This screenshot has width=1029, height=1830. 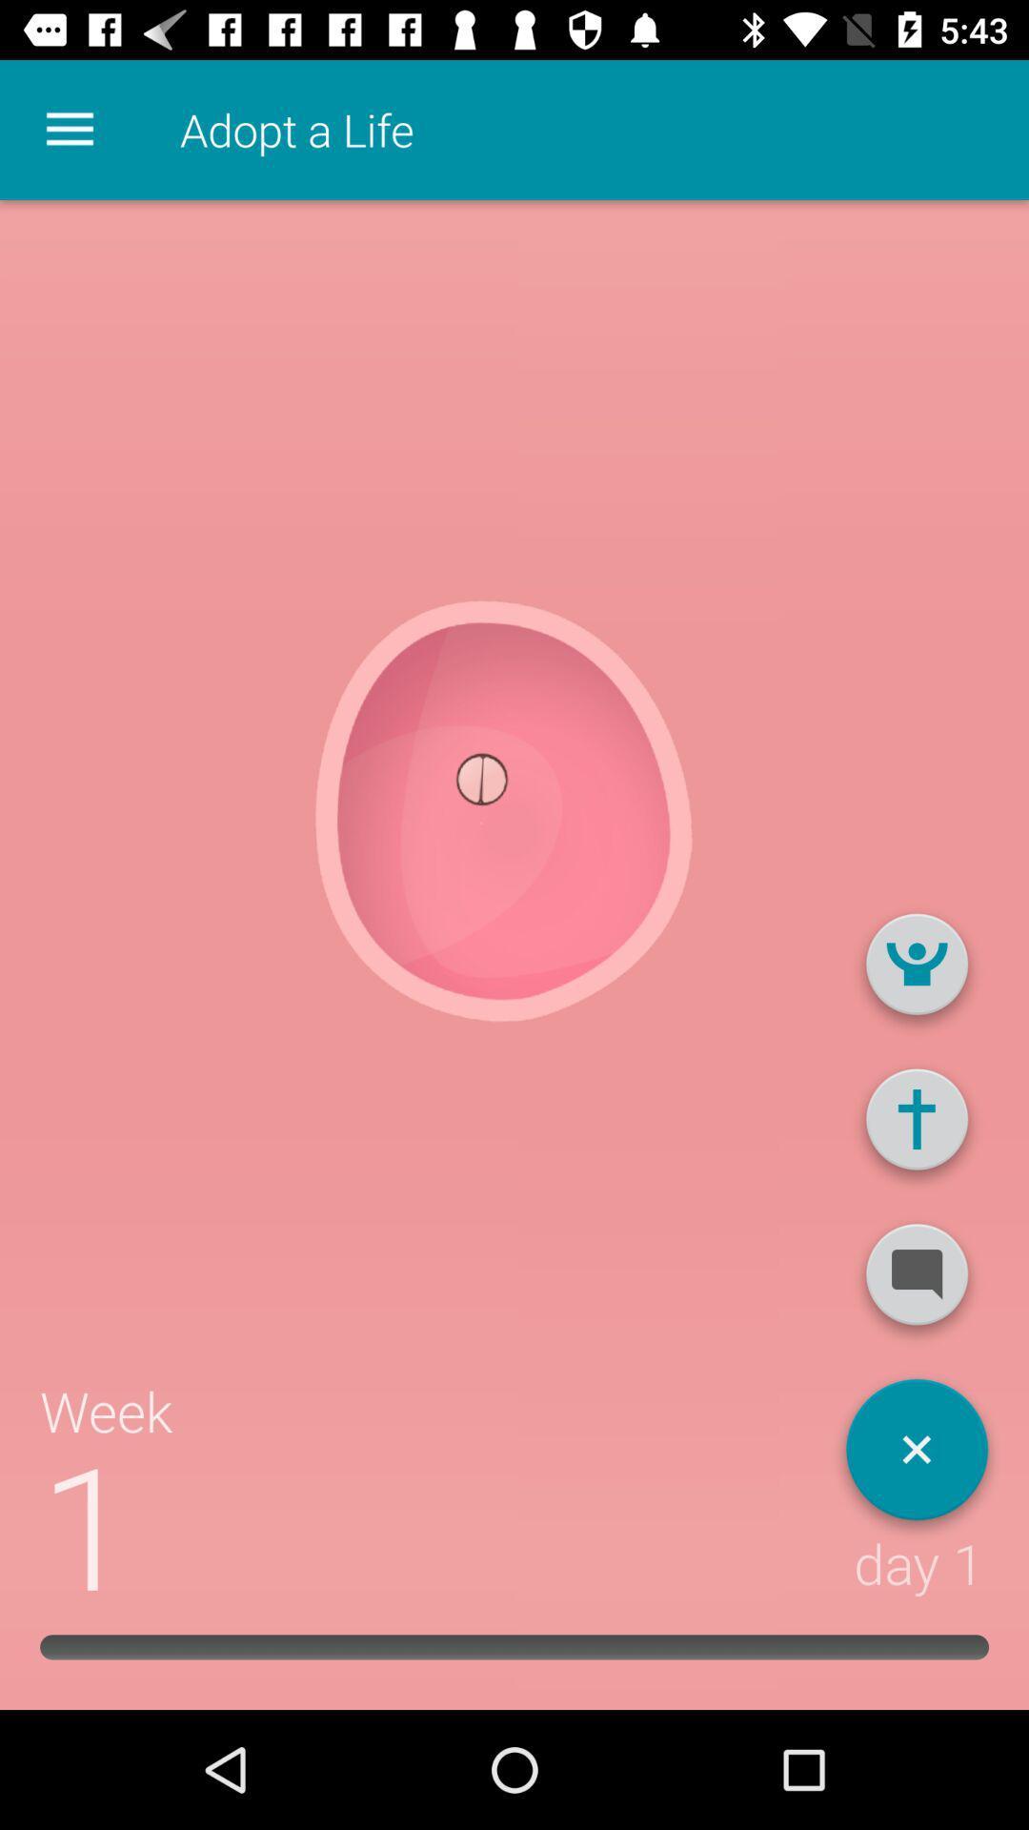 I want to click on the info icon, so click(x=916, y=1127).